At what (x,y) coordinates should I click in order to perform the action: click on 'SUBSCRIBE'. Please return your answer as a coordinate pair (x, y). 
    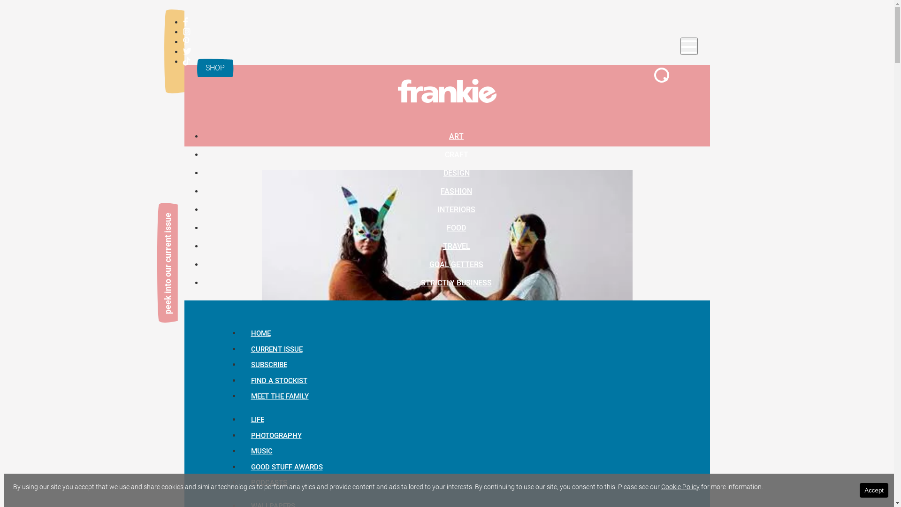
    Looking at the image, I should click on (268, 364).